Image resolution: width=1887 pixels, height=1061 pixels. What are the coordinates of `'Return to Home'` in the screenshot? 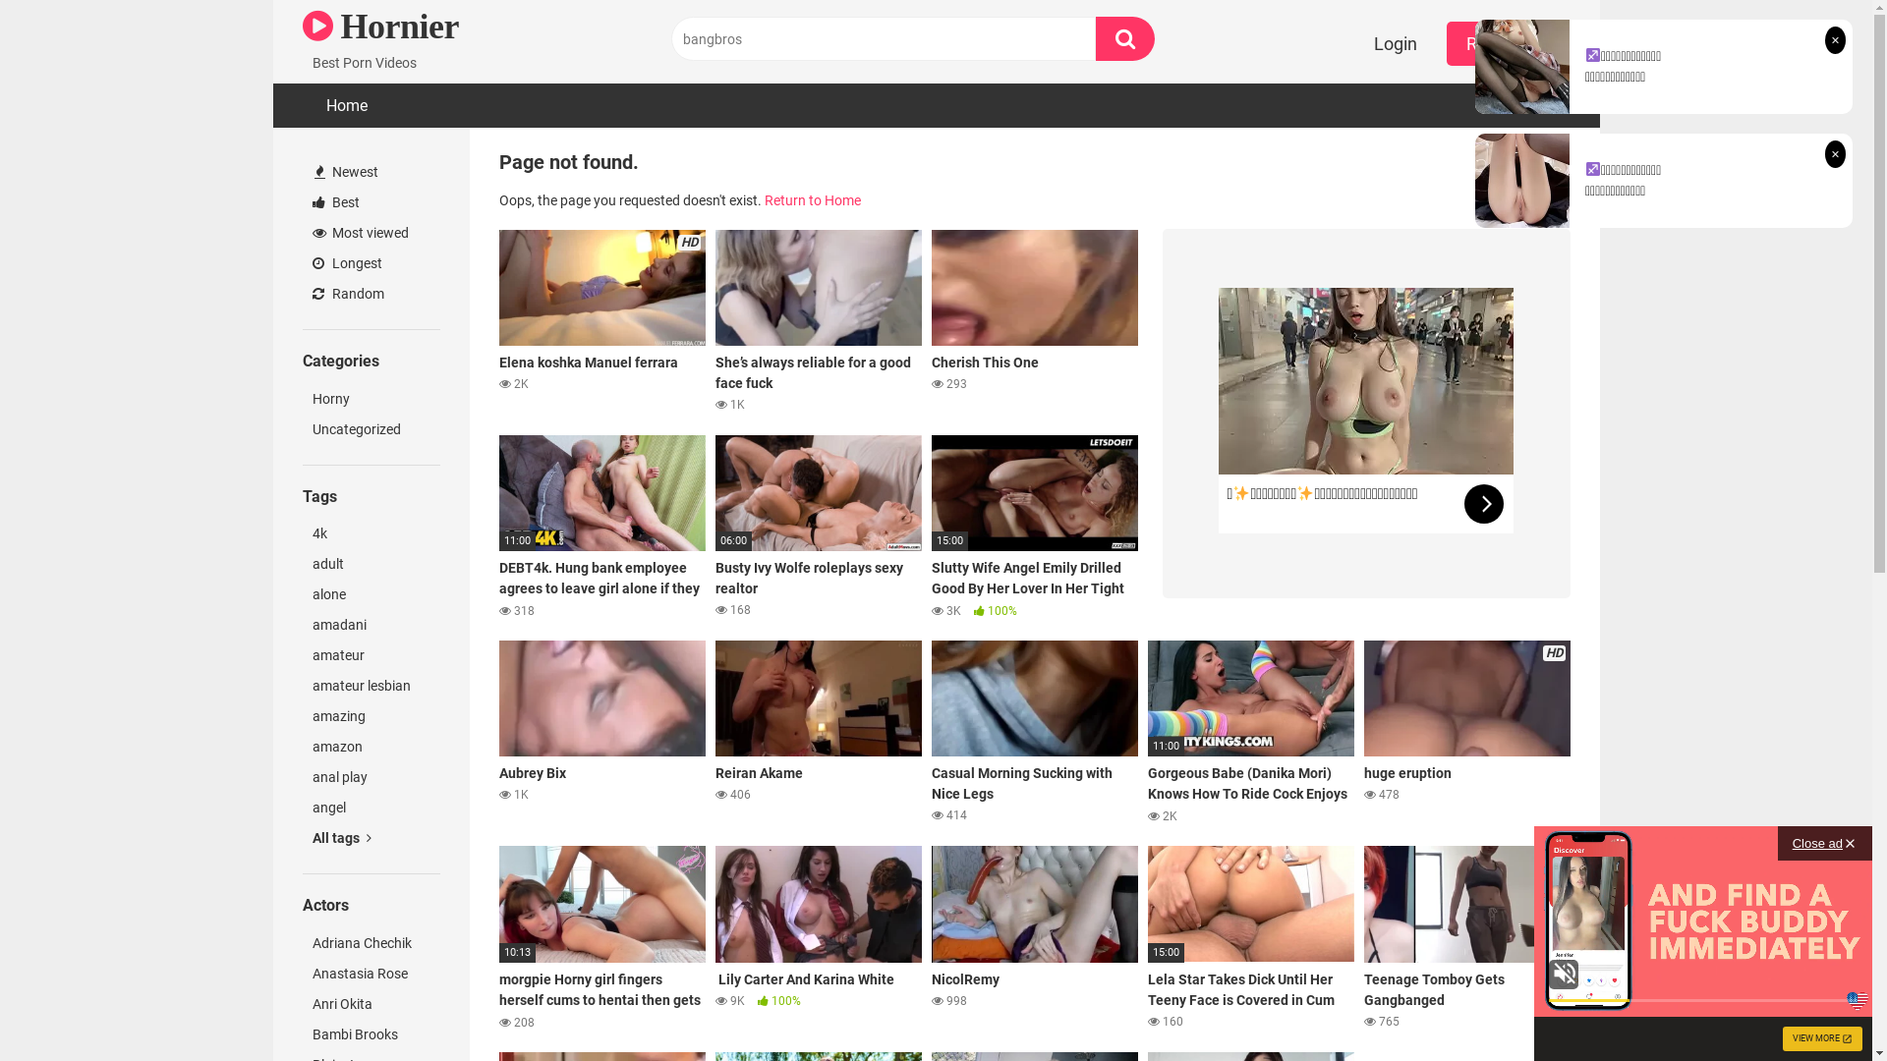 It's located at (812, 200).